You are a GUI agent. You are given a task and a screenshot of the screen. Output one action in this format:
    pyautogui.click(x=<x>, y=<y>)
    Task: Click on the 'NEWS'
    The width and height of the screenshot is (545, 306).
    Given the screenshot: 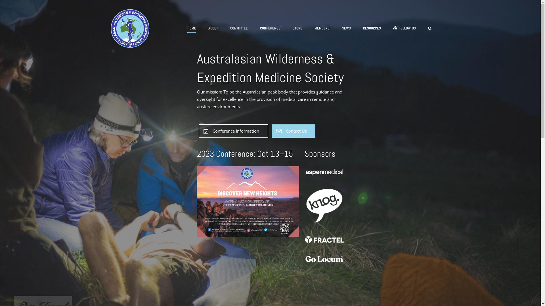 What is the action you would take?
    pyautogui.click(x=346, y=29)
    